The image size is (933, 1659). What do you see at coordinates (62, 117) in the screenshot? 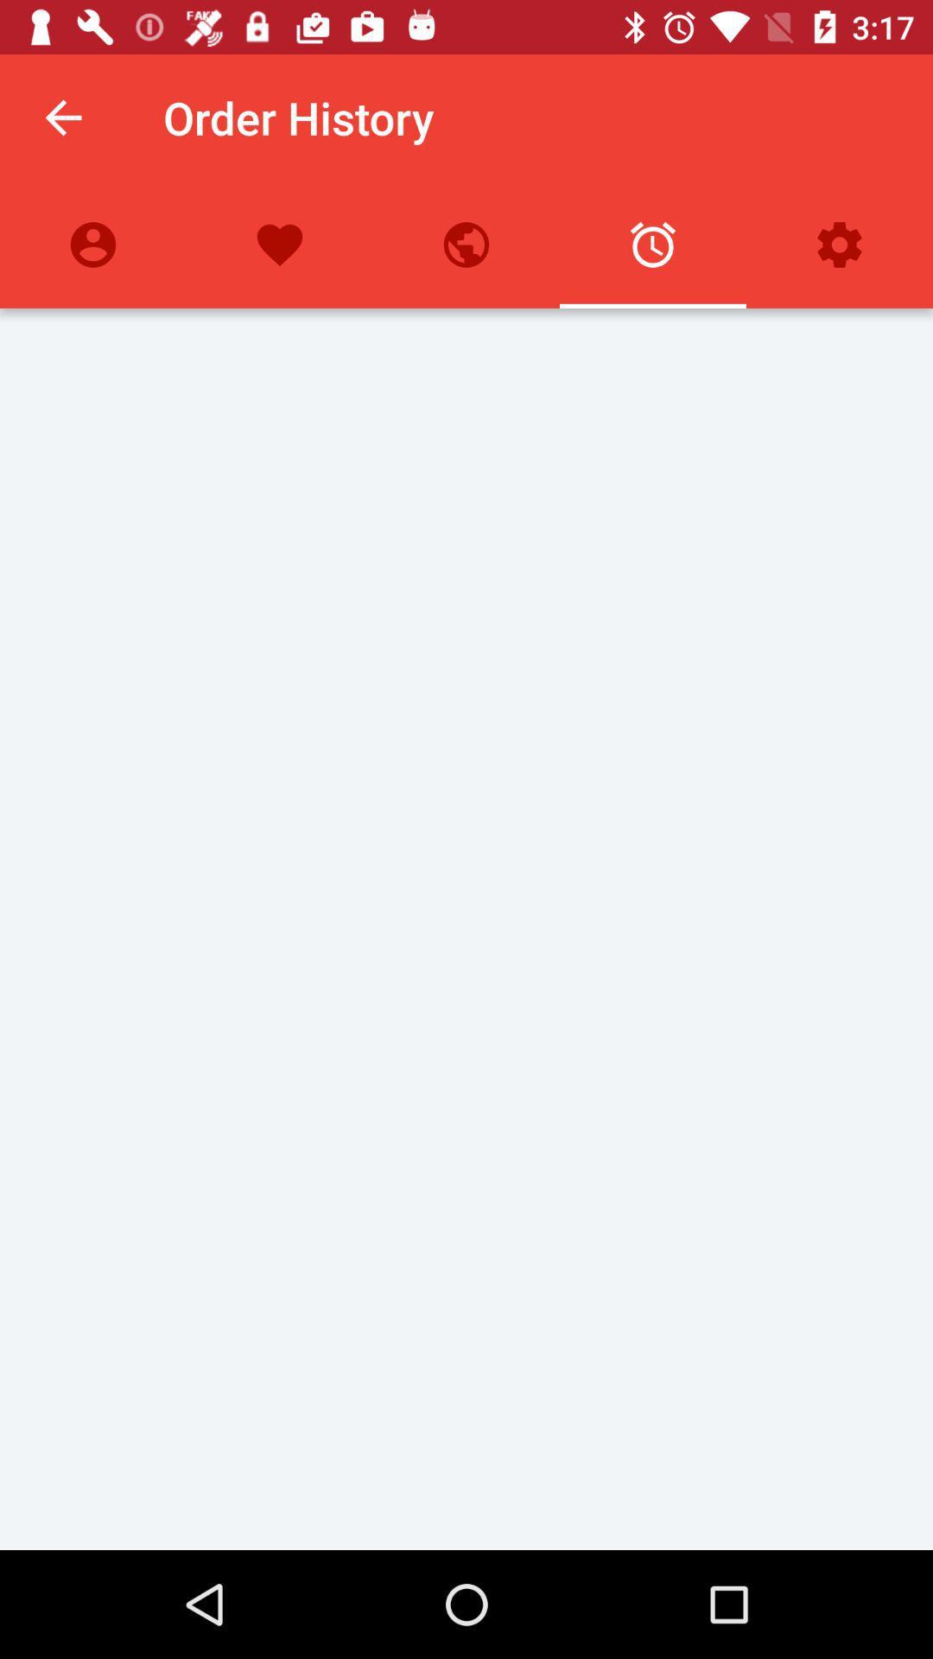
I see `the icon next to the order history item` at bounding box center [62, 117].